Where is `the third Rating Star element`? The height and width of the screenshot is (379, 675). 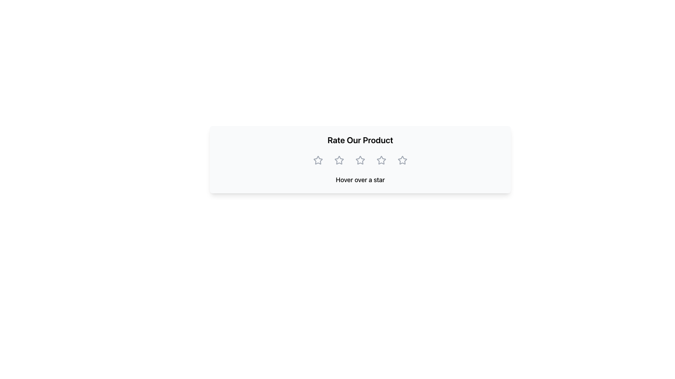
the third Rating Star element is located at coordinates (360, 160).